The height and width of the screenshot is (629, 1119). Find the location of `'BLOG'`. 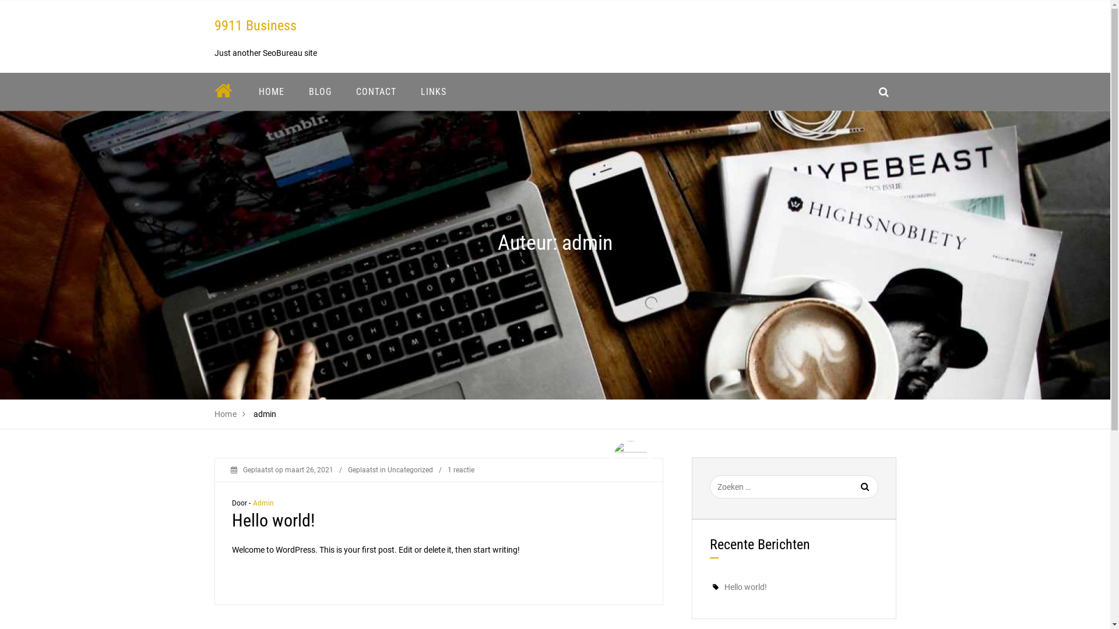

'BLOG' is located at coordinates (319, 91).